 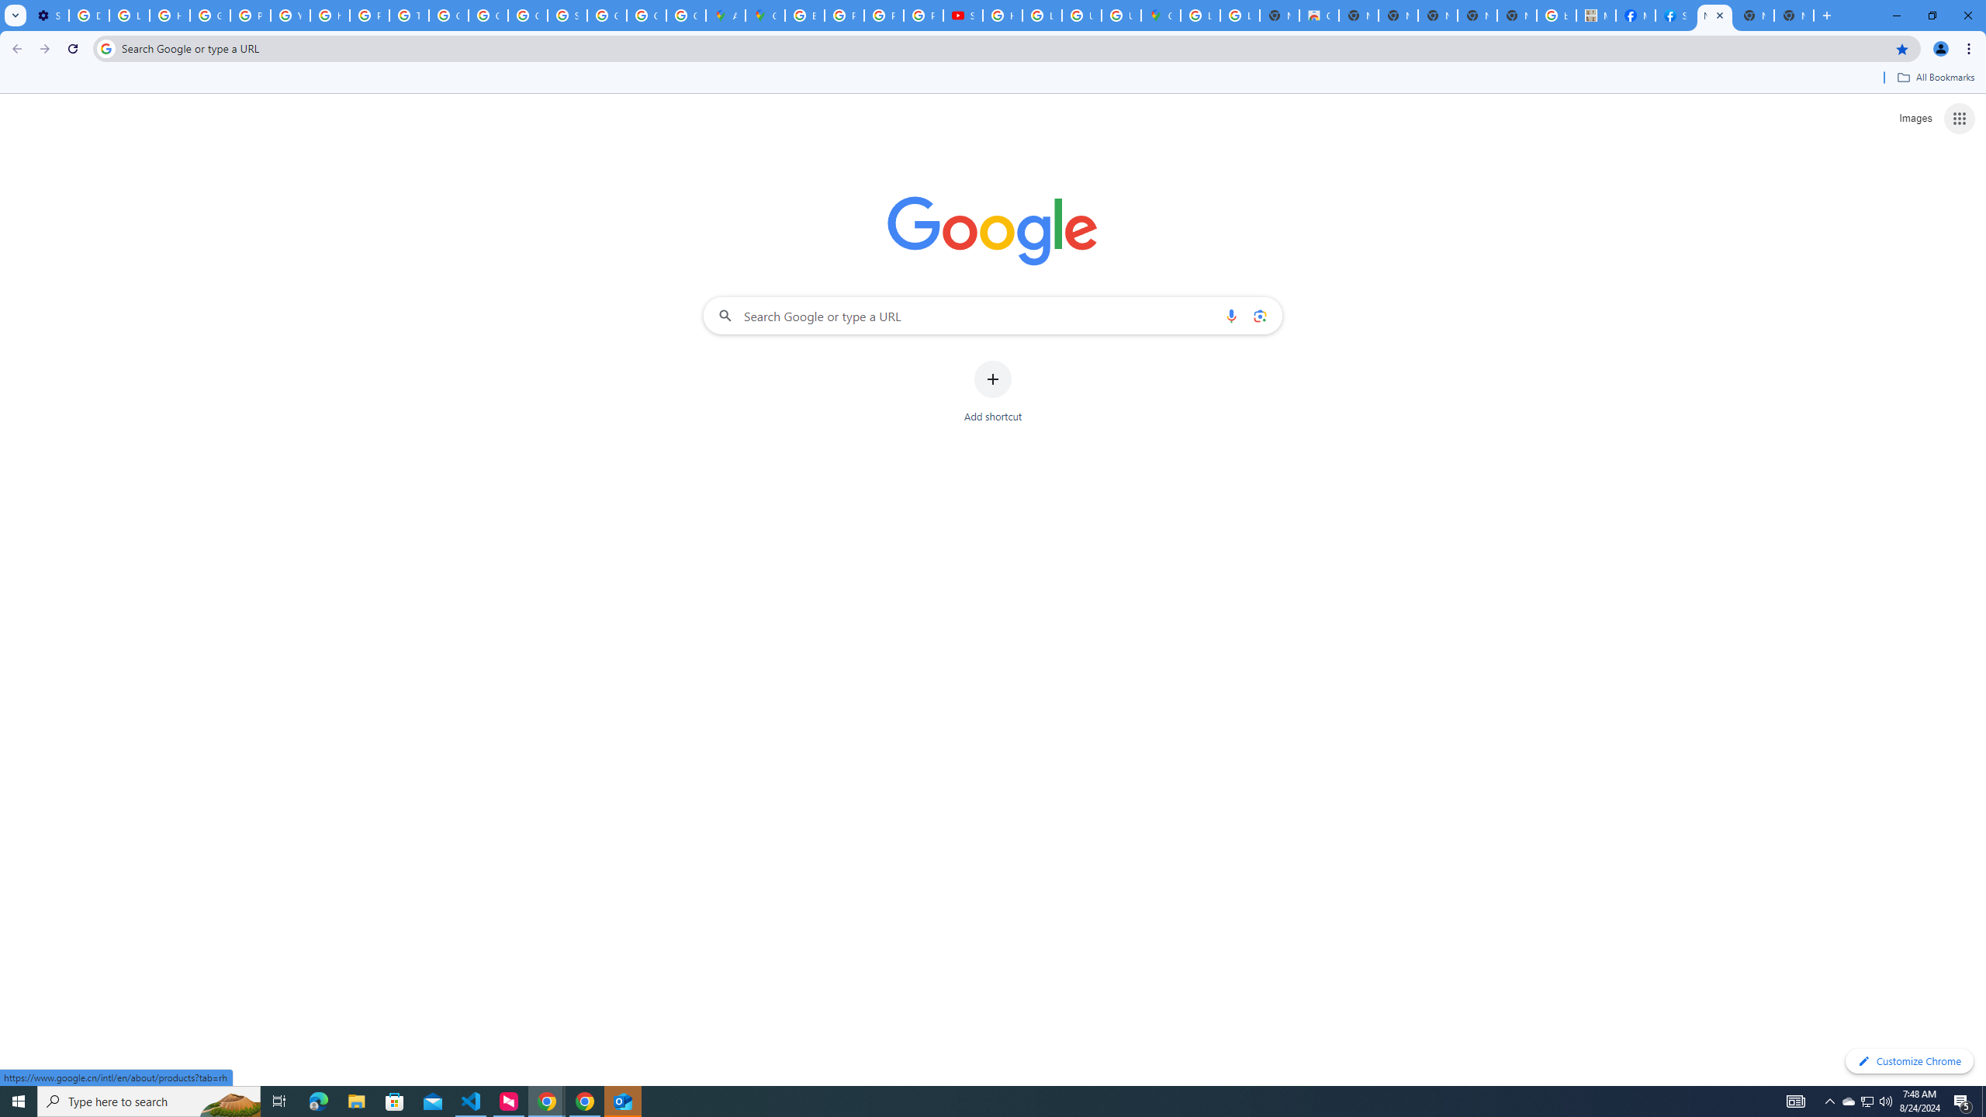 What do you see at coordinates (88, 15) in the screenshot?
I see `'Delete photos & videos - Computer - Google Photos Help'` at bounding box center [88, 15].